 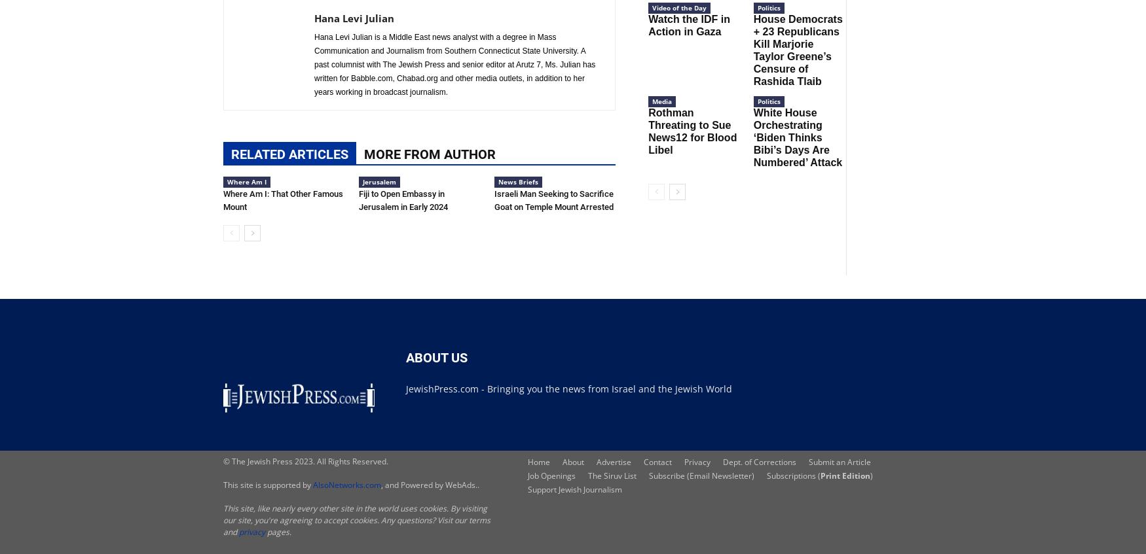 I want to click on 'RELATED ARTICLES', so click(x=289, y=153).